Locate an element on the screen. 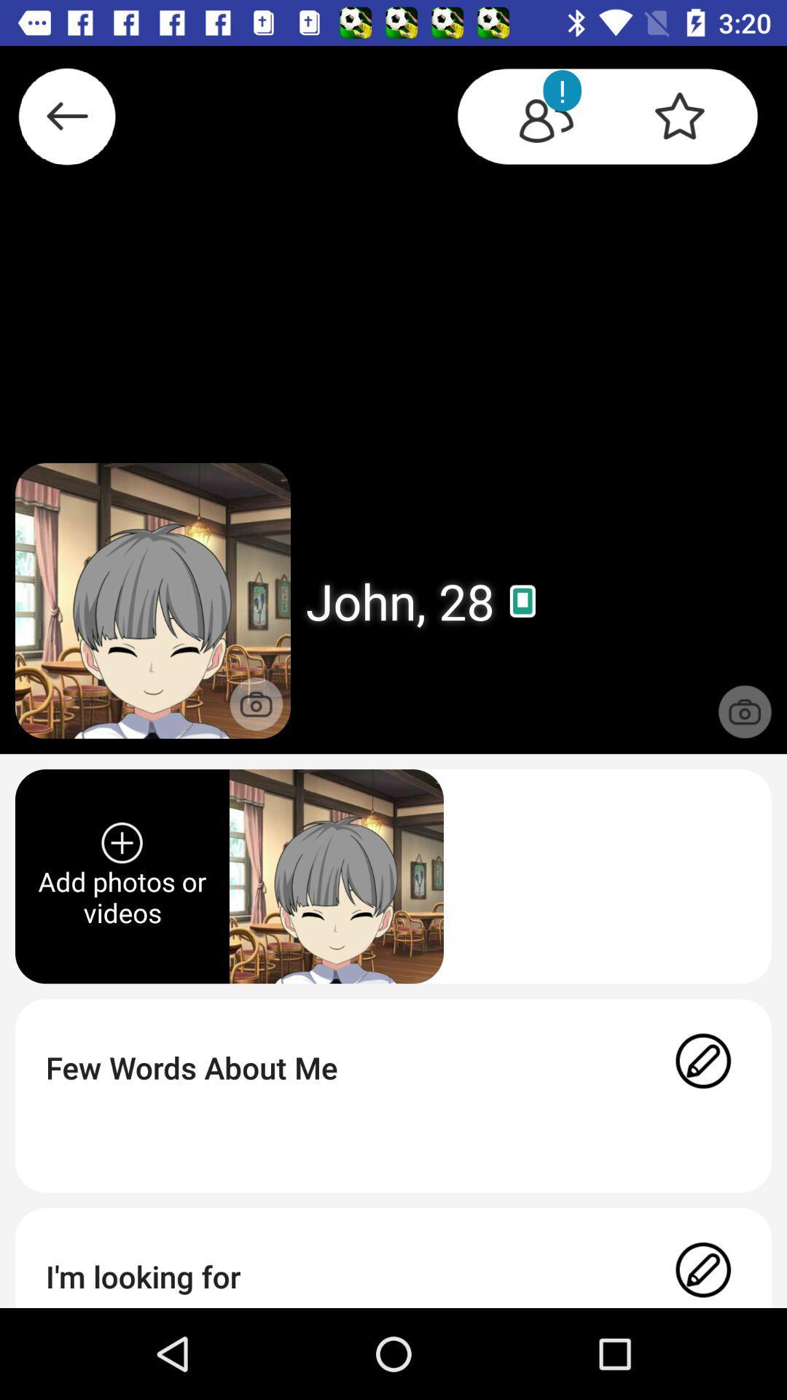 The width and height of the screenshot is (787, 1400). the star icon is located at coordinates (692, 119).